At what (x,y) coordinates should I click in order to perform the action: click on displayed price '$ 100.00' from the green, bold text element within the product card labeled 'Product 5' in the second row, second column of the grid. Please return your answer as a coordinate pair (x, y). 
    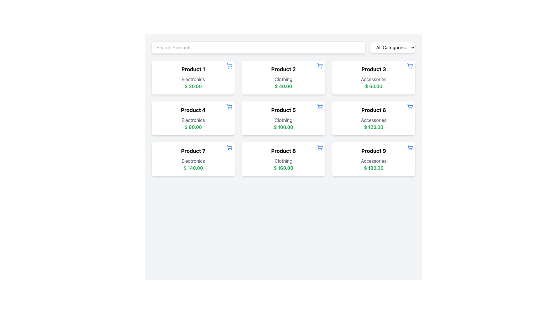
    Looking at the image, I should click on (283, 127).